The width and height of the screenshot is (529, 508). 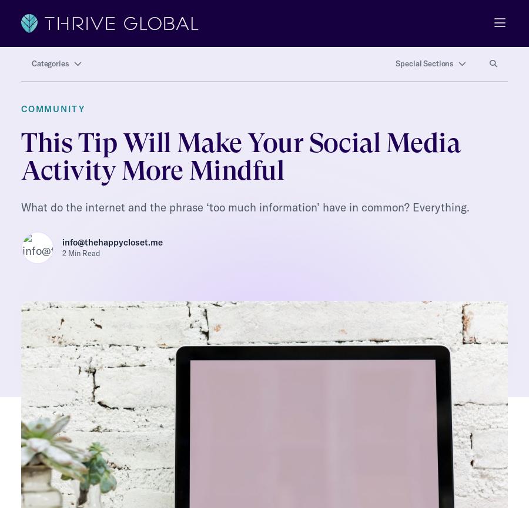 What do you see at coordinates (151, 233) in the screenshot?
I see `'info@thehappycloset.me'` at bounding box center [151, 233].